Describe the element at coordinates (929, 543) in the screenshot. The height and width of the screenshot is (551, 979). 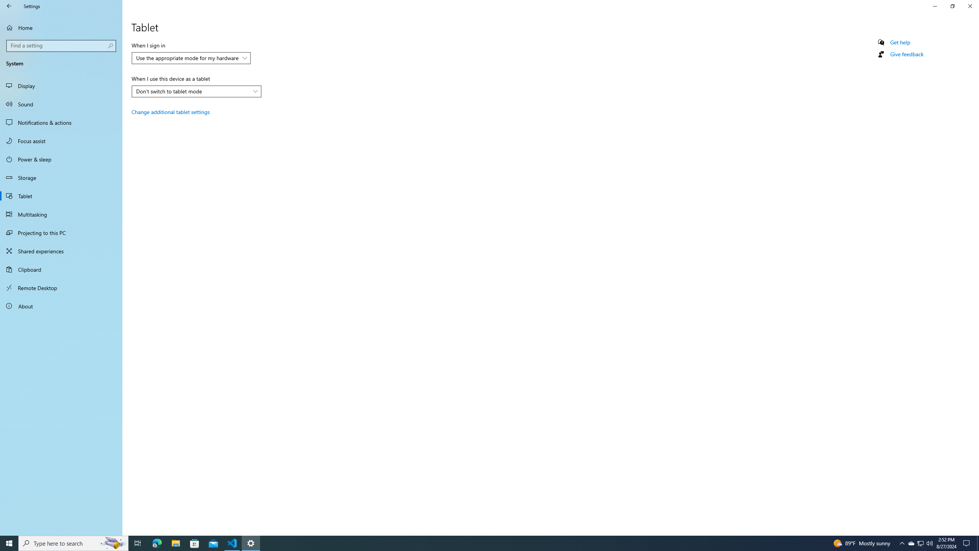
I see `'Q2790: 100%'` at that location.